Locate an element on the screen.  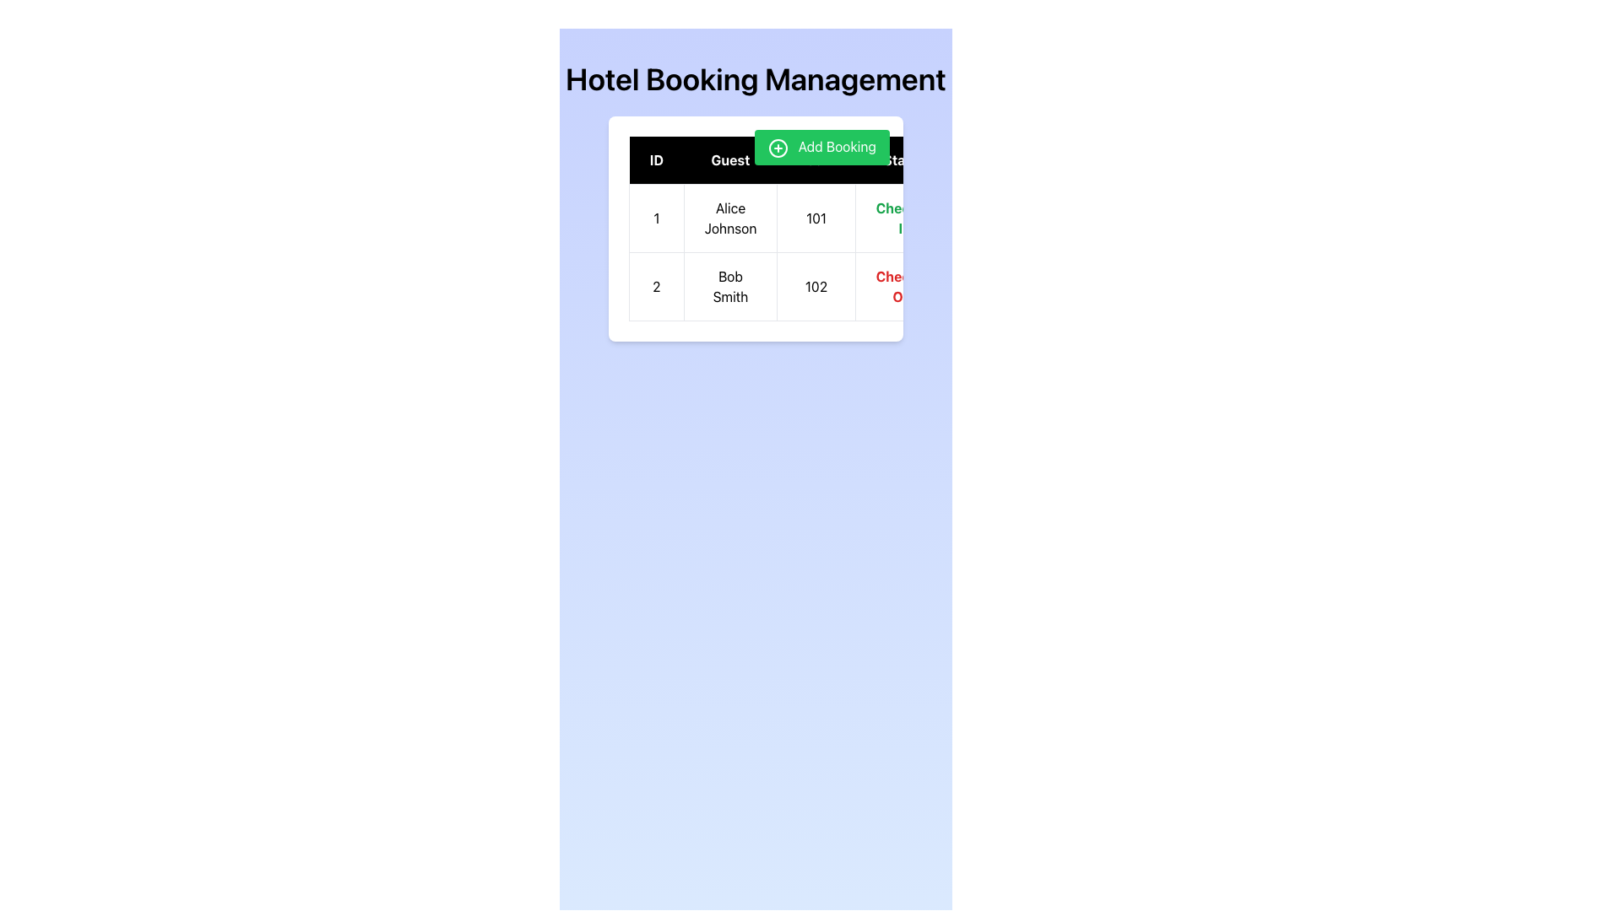
the Text Display element that shows the name of a guest, located in the first row and second column of the table, positioned between '1' and '101' is located at coordinates (730, 217).